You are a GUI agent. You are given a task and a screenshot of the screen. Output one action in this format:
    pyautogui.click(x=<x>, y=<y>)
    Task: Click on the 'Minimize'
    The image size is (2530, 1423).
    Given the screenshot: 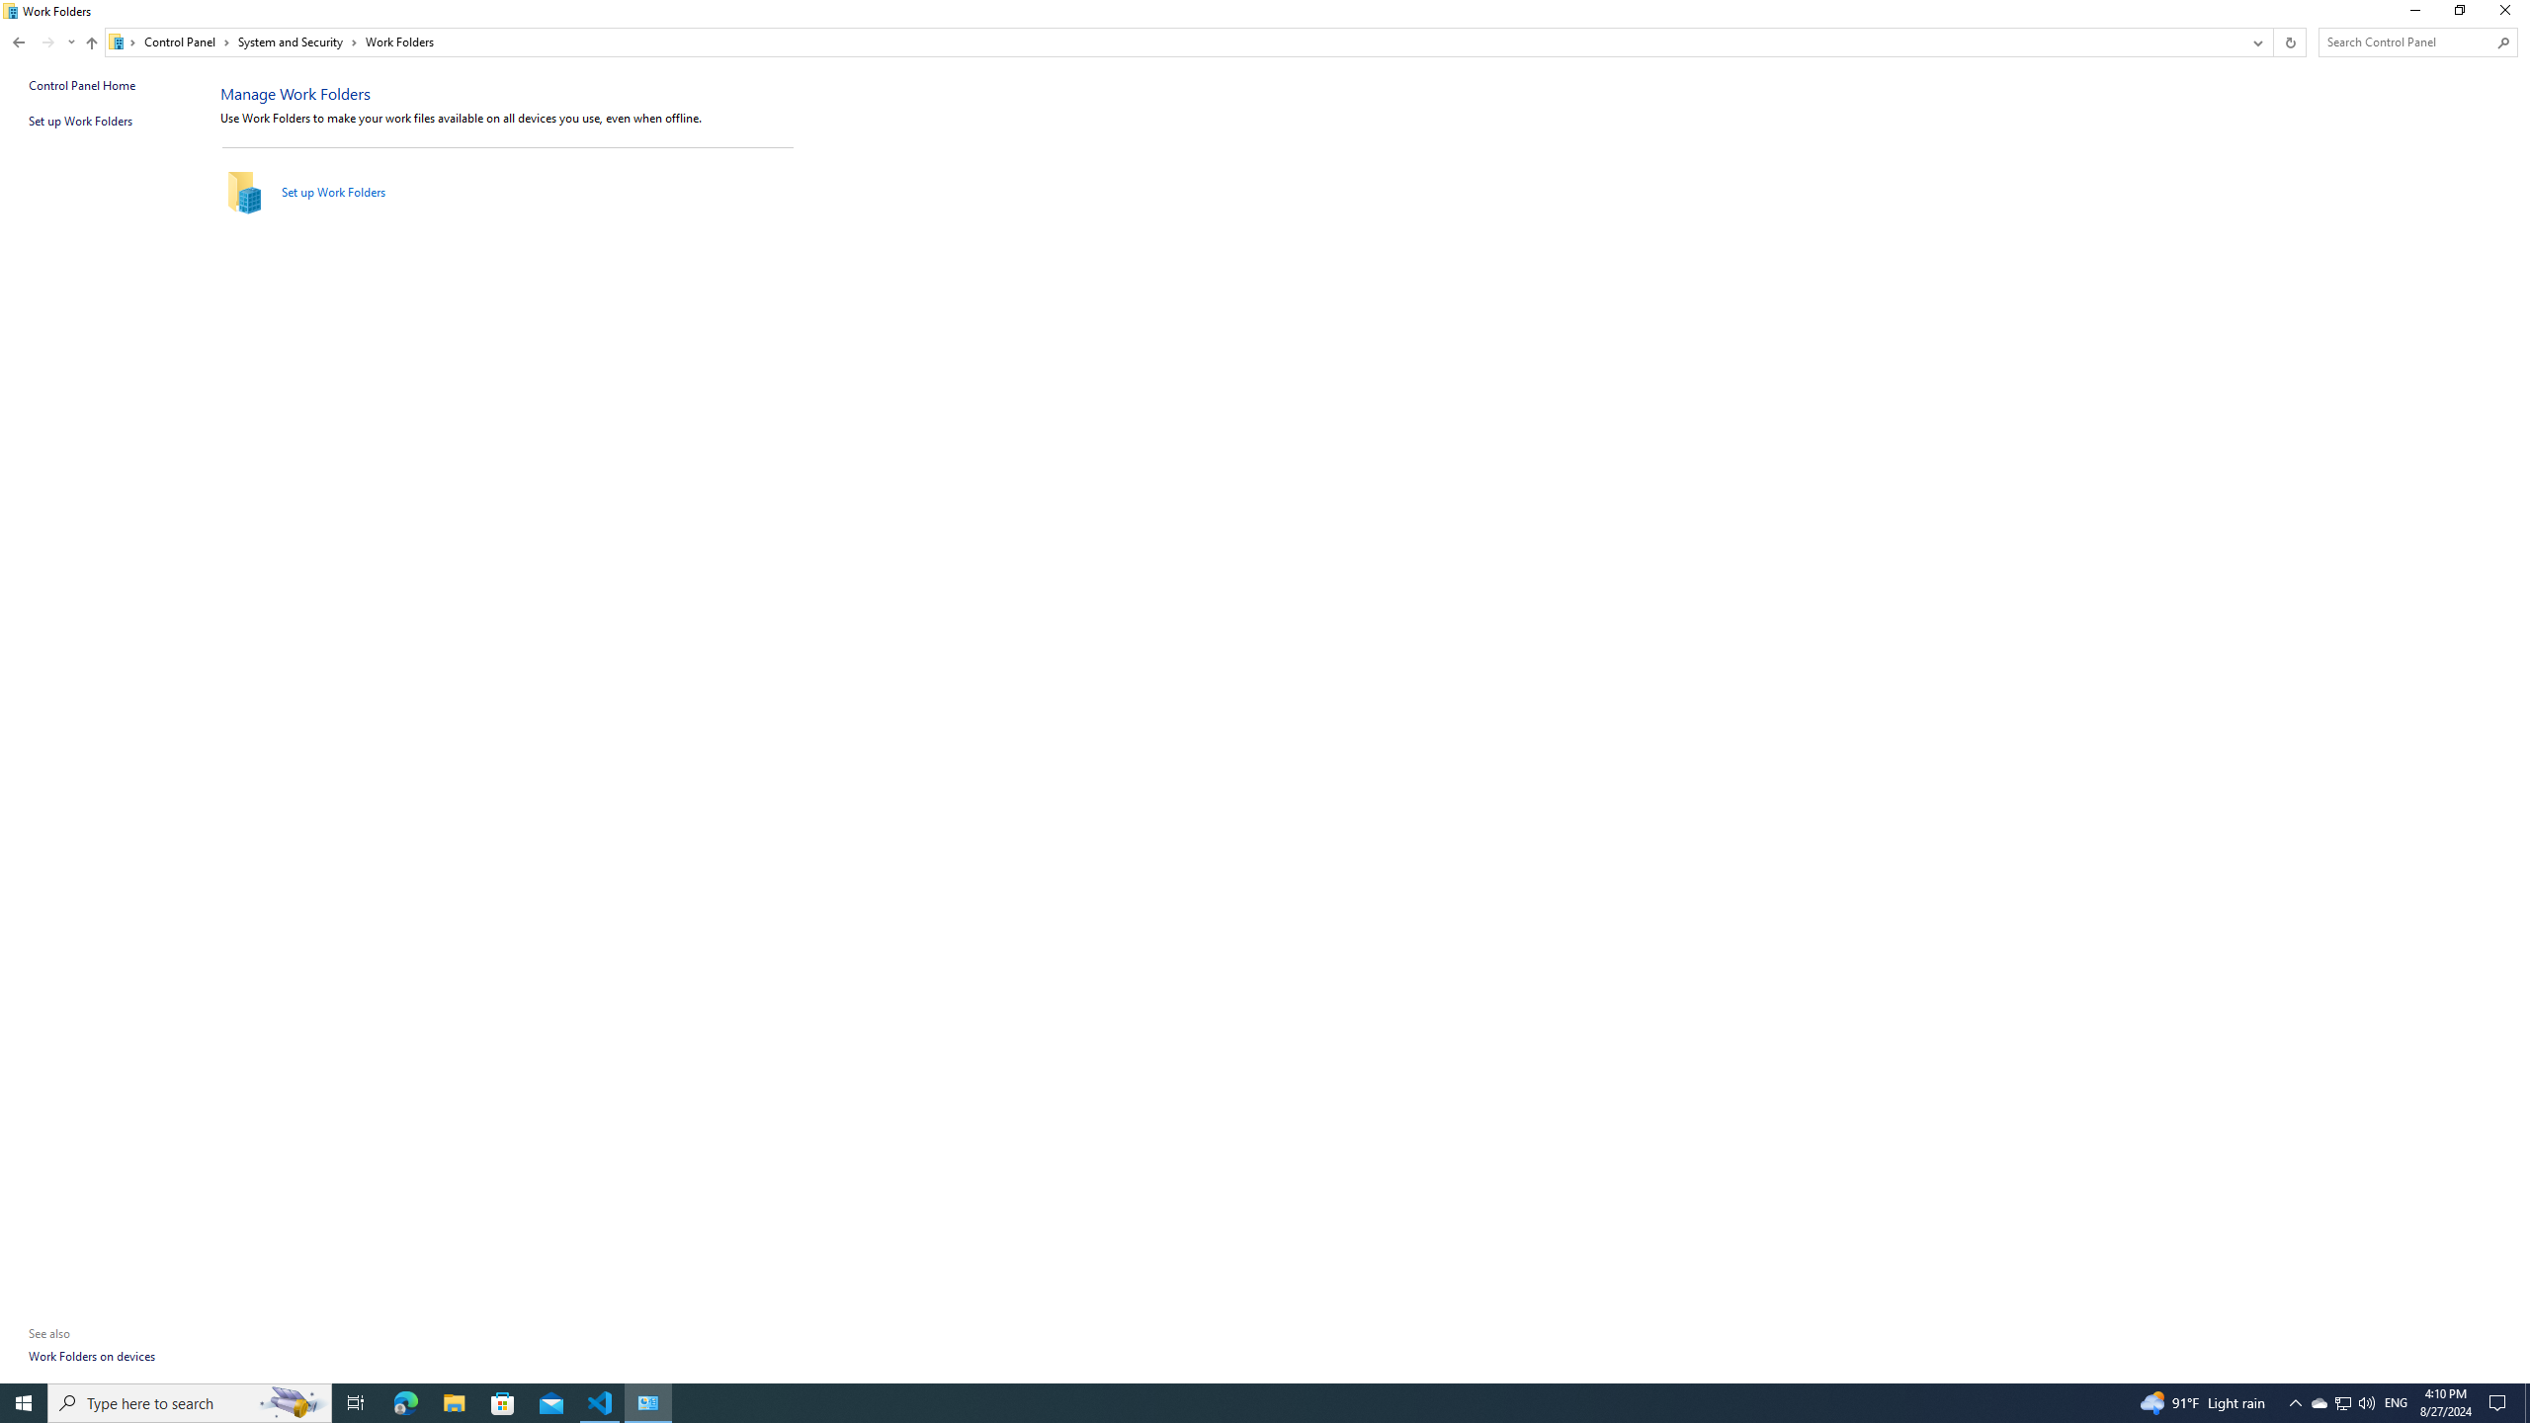 What is the action you would take?
    pyautogui.click(x=2412, y=15)
    